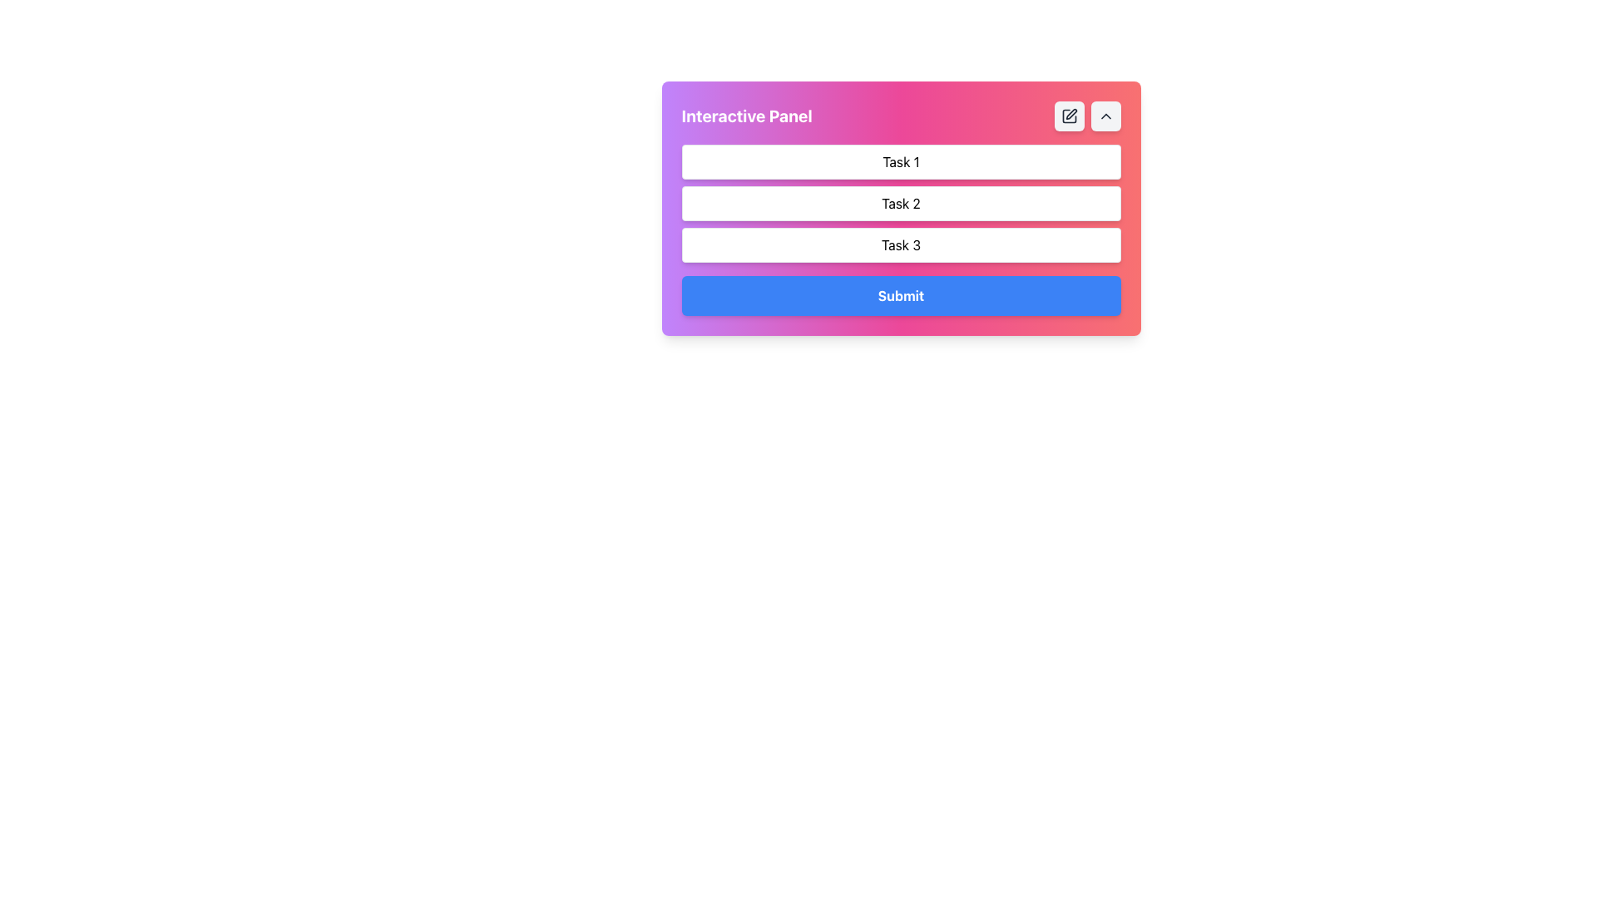  Describe the element at coordinates (1069, 115) in the screenshot. I see `the Icon button located in the header section of the panel on the top right` at that location.